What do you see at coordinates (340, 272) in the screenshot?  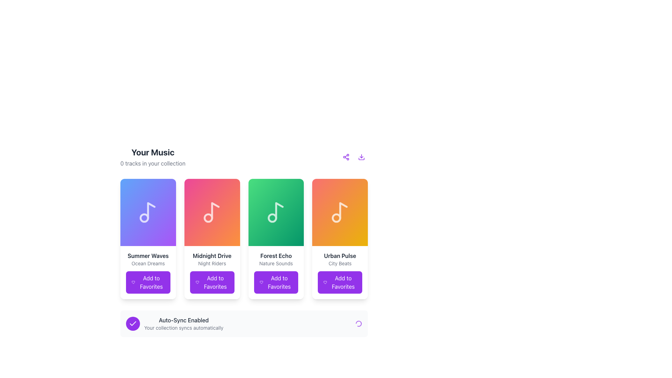 I see `the 'Add to Favorites' button located at the bottom of the fourth music card, directly below the 'Urban Pulse' heading and 'City Beats' subheading` at bounding box center [340, 272].